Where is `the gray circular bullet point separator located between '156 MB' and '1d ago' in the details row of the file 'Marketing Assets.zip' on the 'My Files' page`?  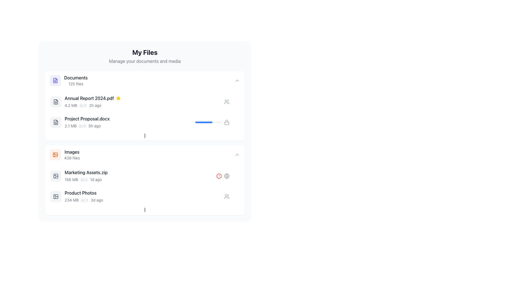
the gray circular bullet point separator located between '156 MB' and '1d ago' in the details row of the file 'Marketing Assets.zip' on the 'My Files' page is located at coordinates (84, 179).